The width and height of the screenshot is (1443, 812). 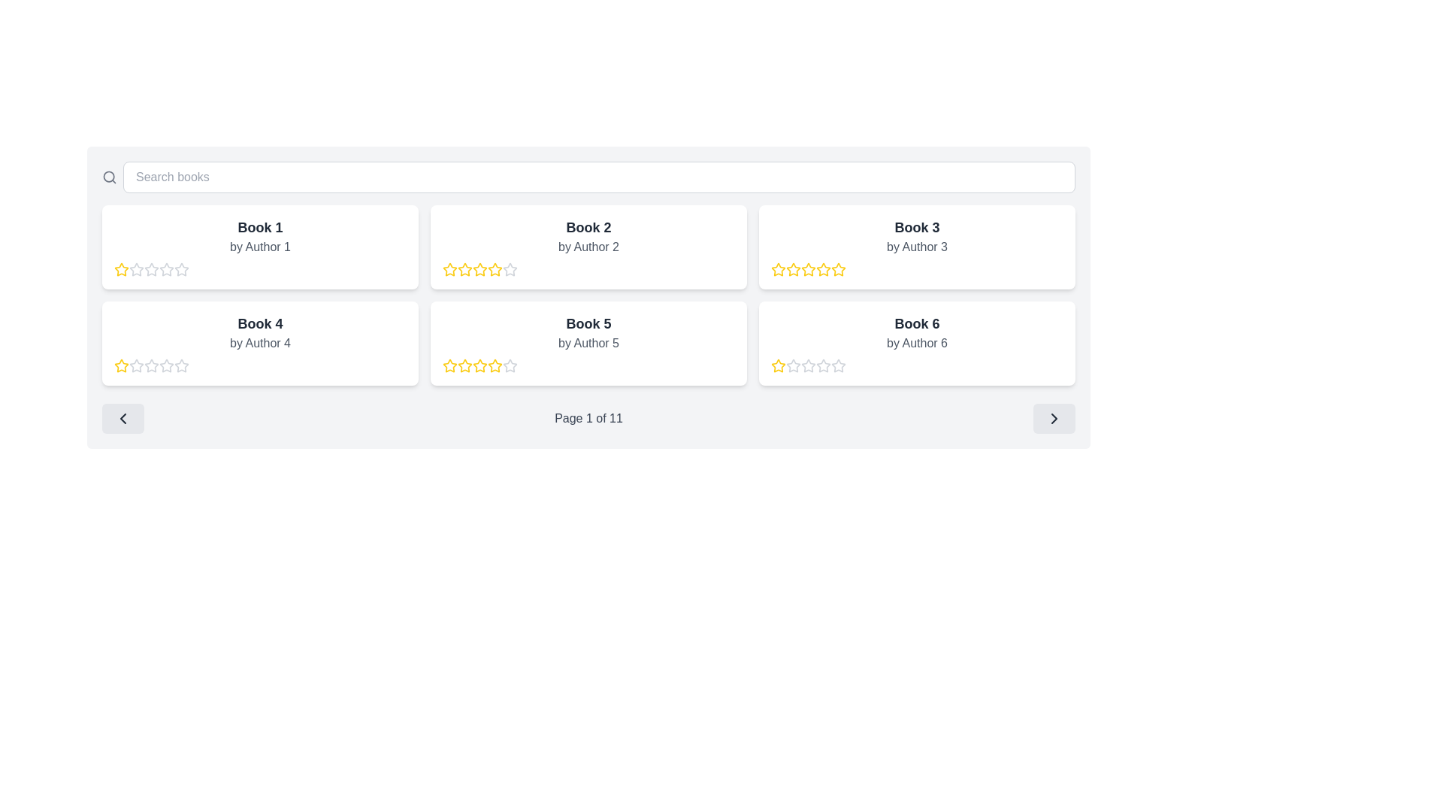 What do you see at coordinates (123, 418) in the screenshot?
I see `the gray button with rounded edges containing a left-pointing chevron icon, located in the bottom-left corner of the pagination controls` at bounding box center [123, 418].